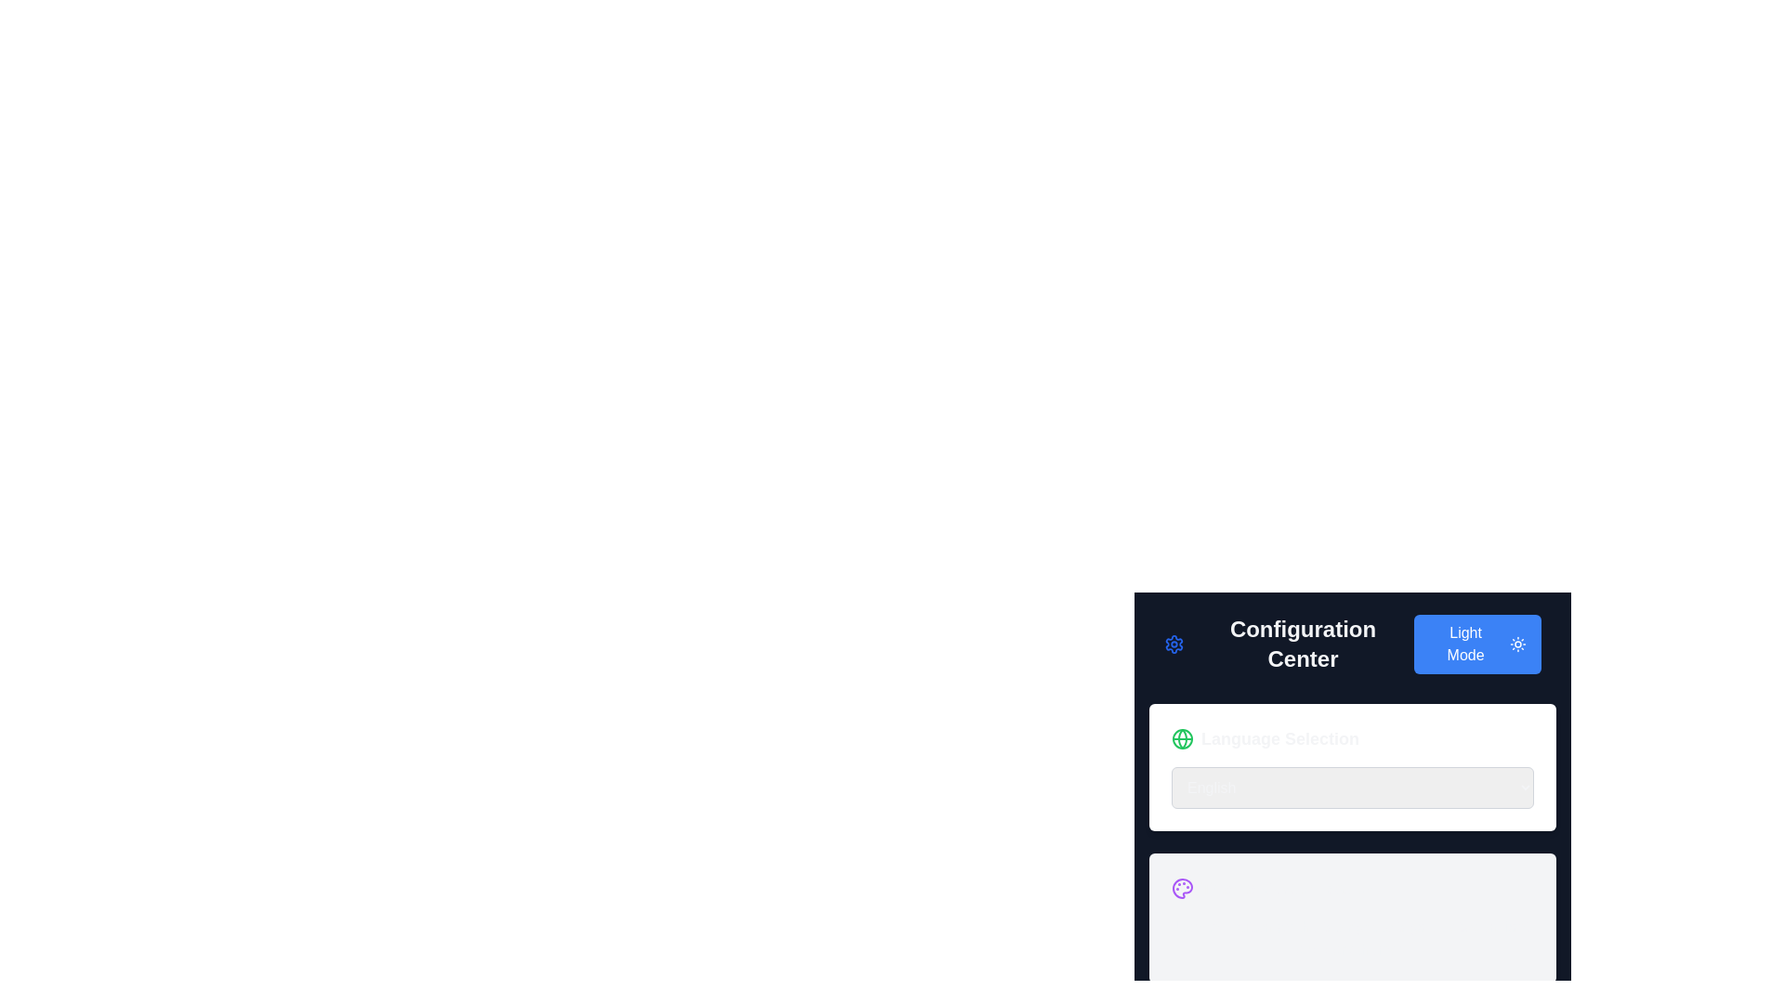  I want to click on the visual style of the SVG icon located to the left of the 'Language Selection' text, which indicates options related to language and global settings, so click(1181, 737).